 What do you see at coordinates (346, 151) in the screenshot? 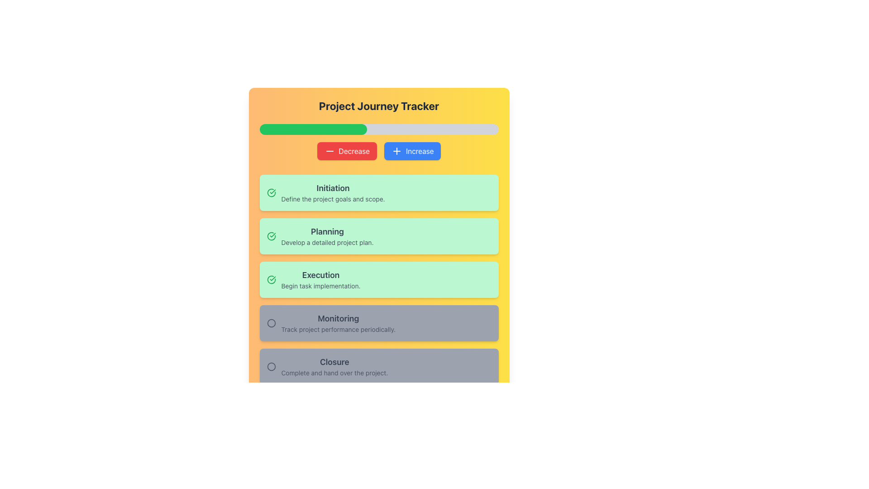
I see `the 'Decrease' button located below the progress bar in the 'Project Journey Tracker' section` at bounding box center [346, 151].